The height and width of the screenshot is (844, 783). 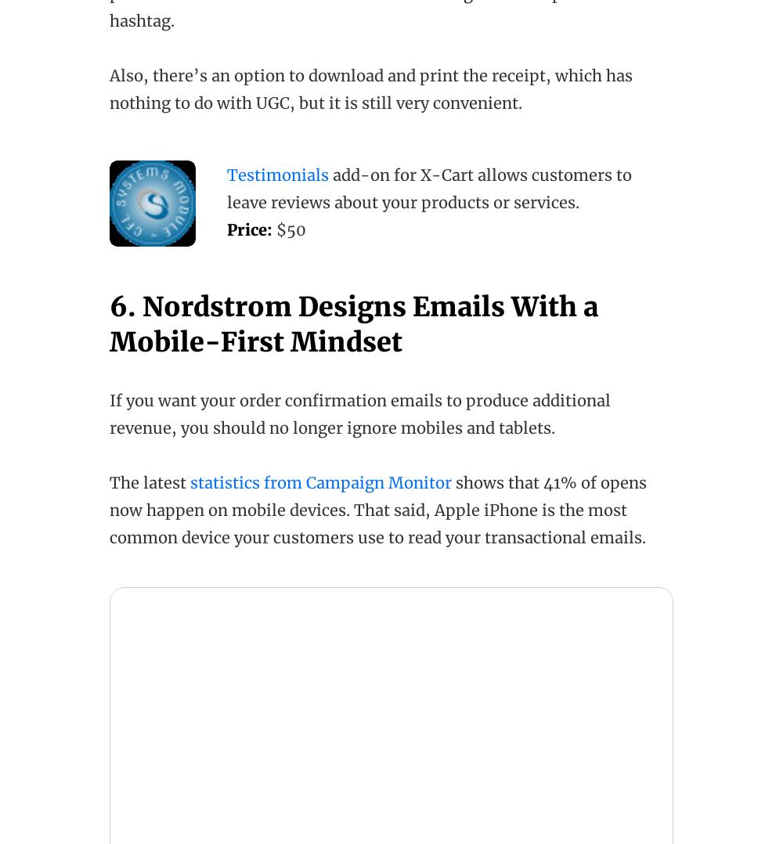 What do you see at coordinates (277, 175) in the screenshot?
I see `'Testimonials'` at bounding box center [277, 175].